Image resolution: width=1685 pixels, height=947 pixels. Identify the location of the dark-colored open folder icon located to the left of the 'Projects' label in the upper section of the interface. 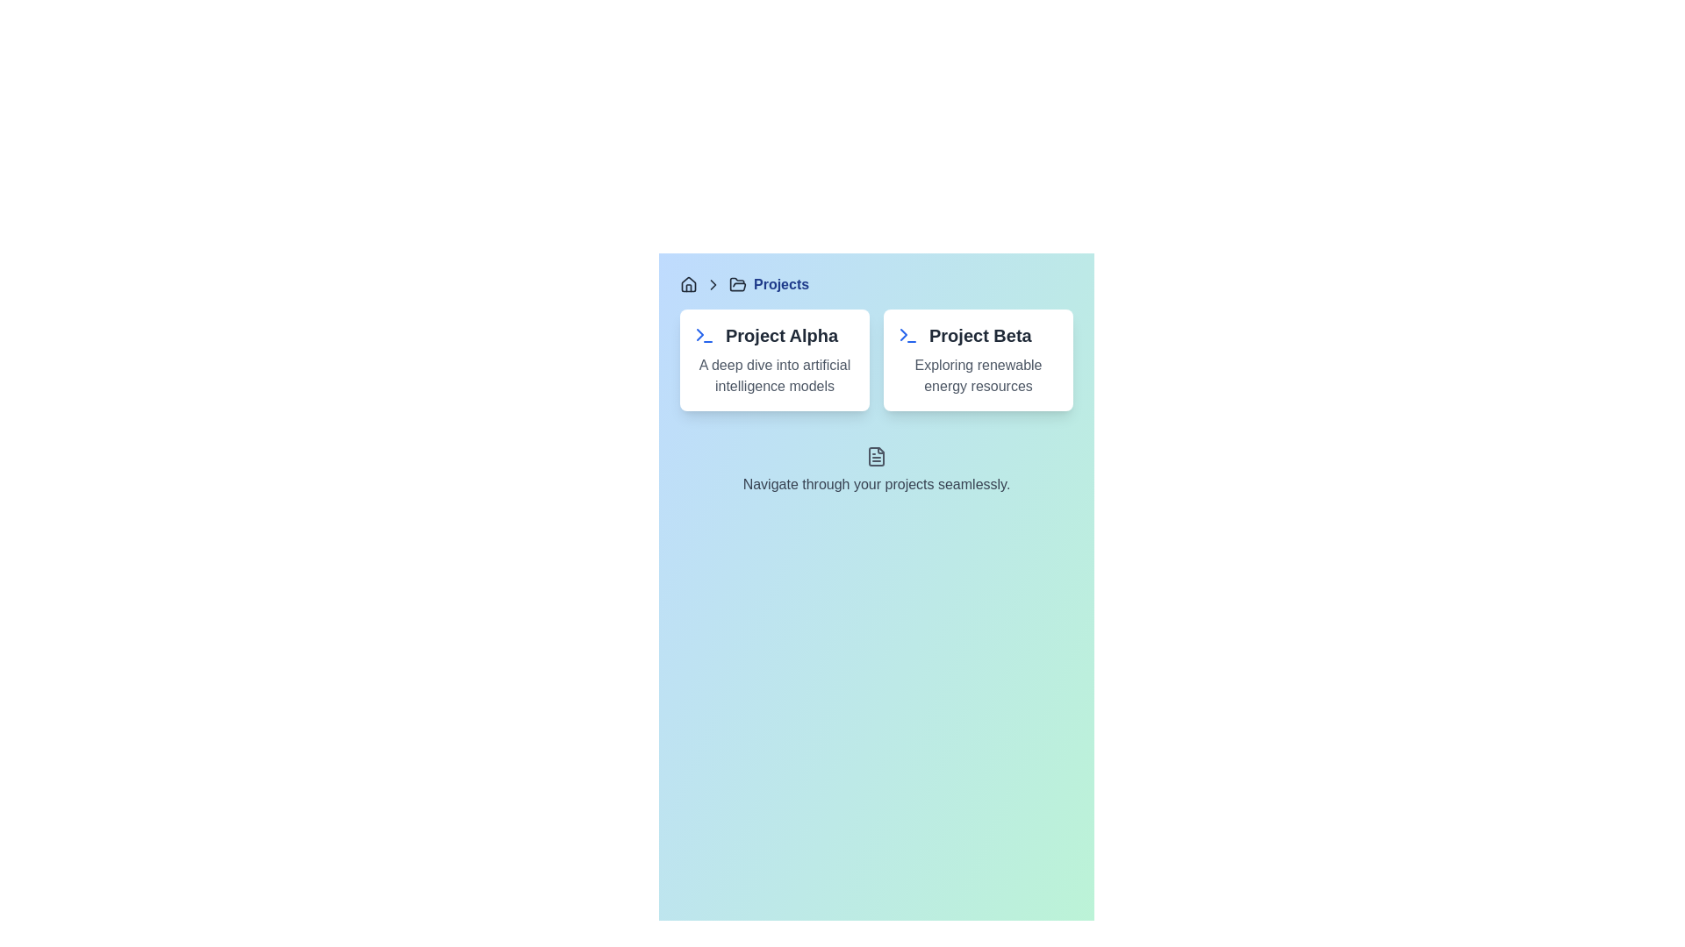
(737, 283).